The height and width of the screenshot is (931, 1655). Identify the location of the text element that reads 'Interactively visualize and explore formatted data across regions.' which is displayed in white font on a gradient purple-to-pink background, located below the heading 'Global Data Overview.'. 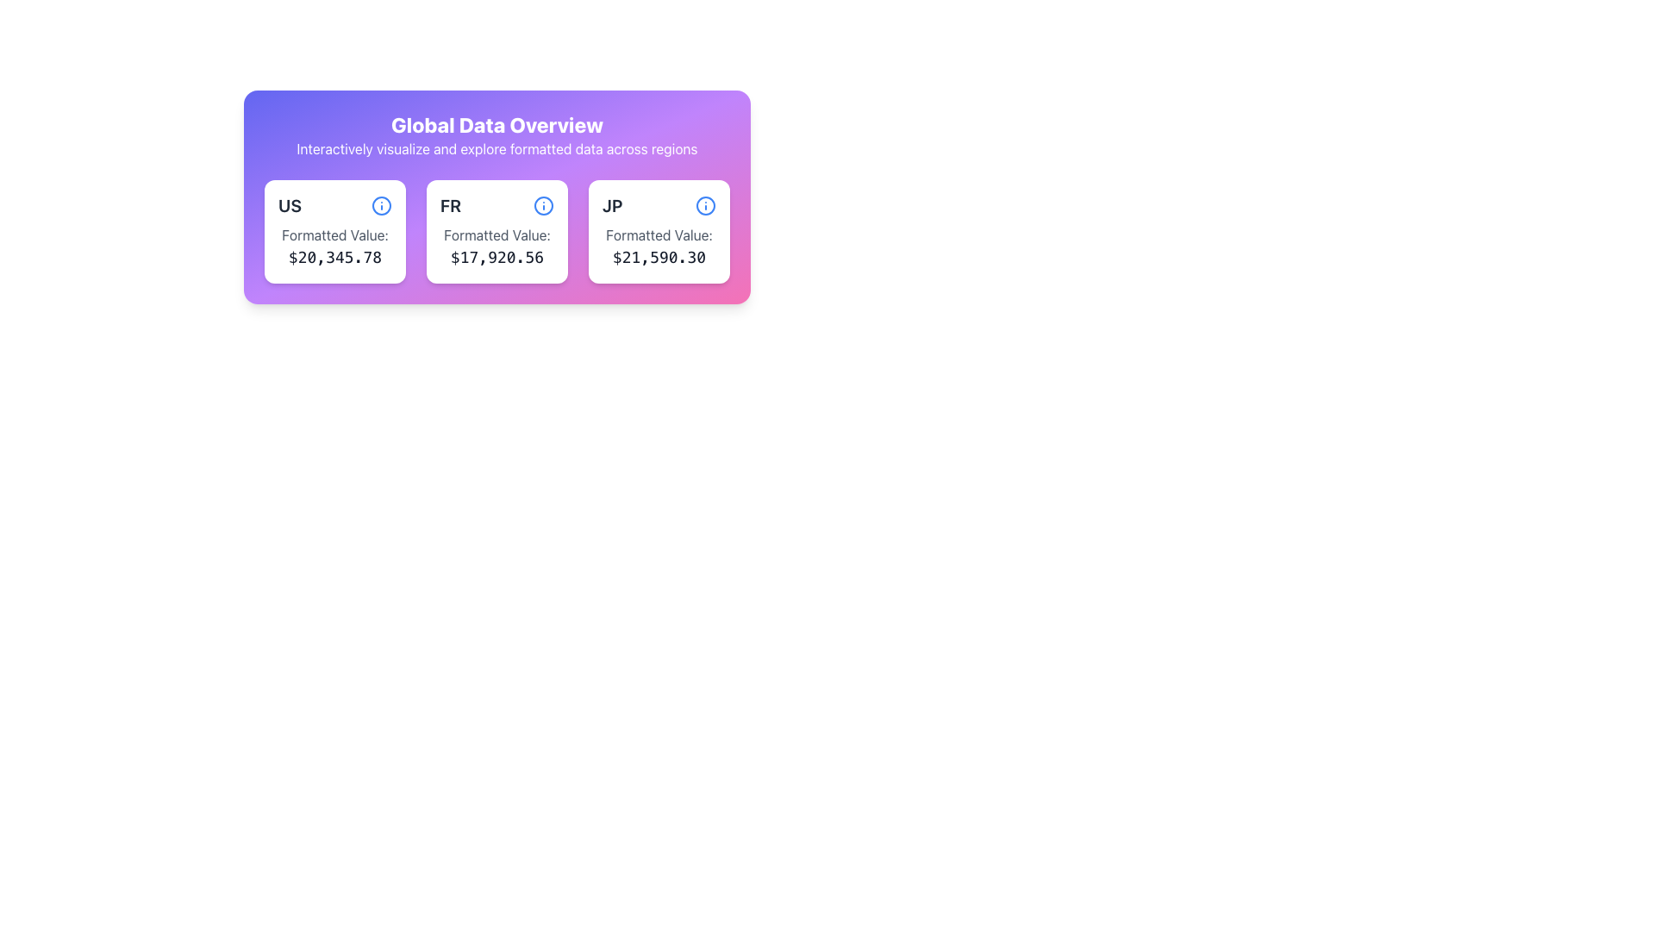
(496, 148).